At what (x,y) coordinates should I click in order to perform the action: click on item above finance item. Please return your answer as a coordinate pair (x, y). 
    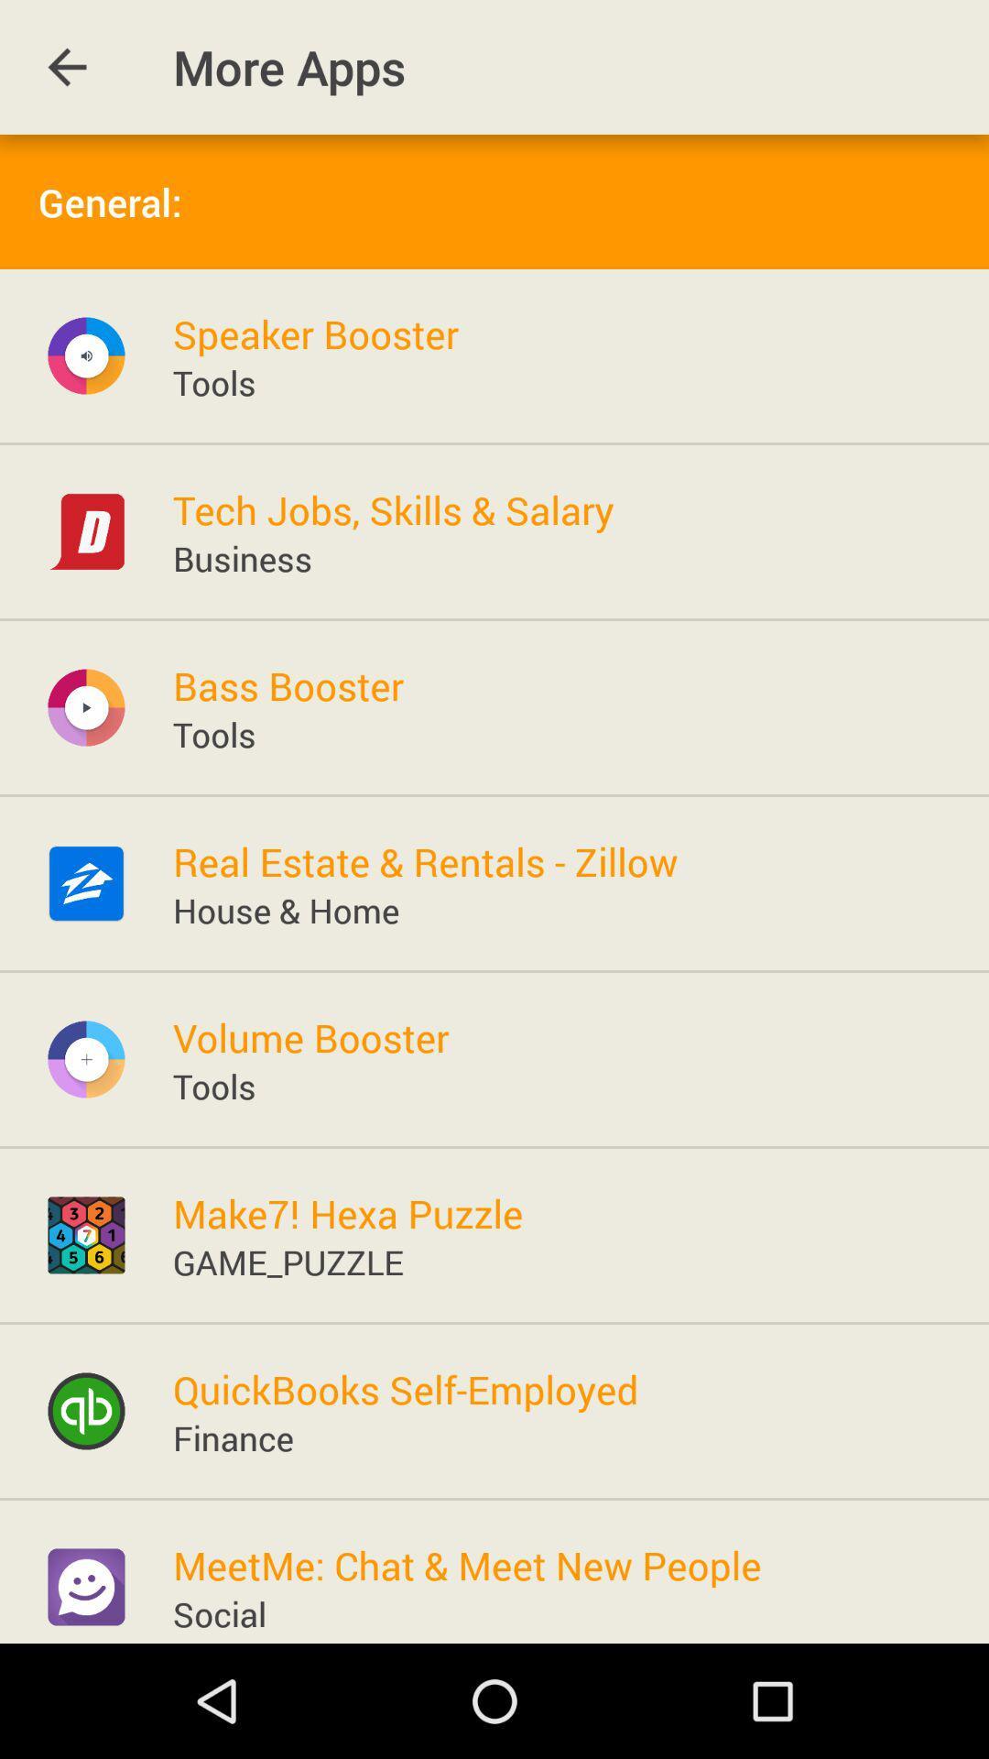
    Looking at the image, I should click on (405, 1389).